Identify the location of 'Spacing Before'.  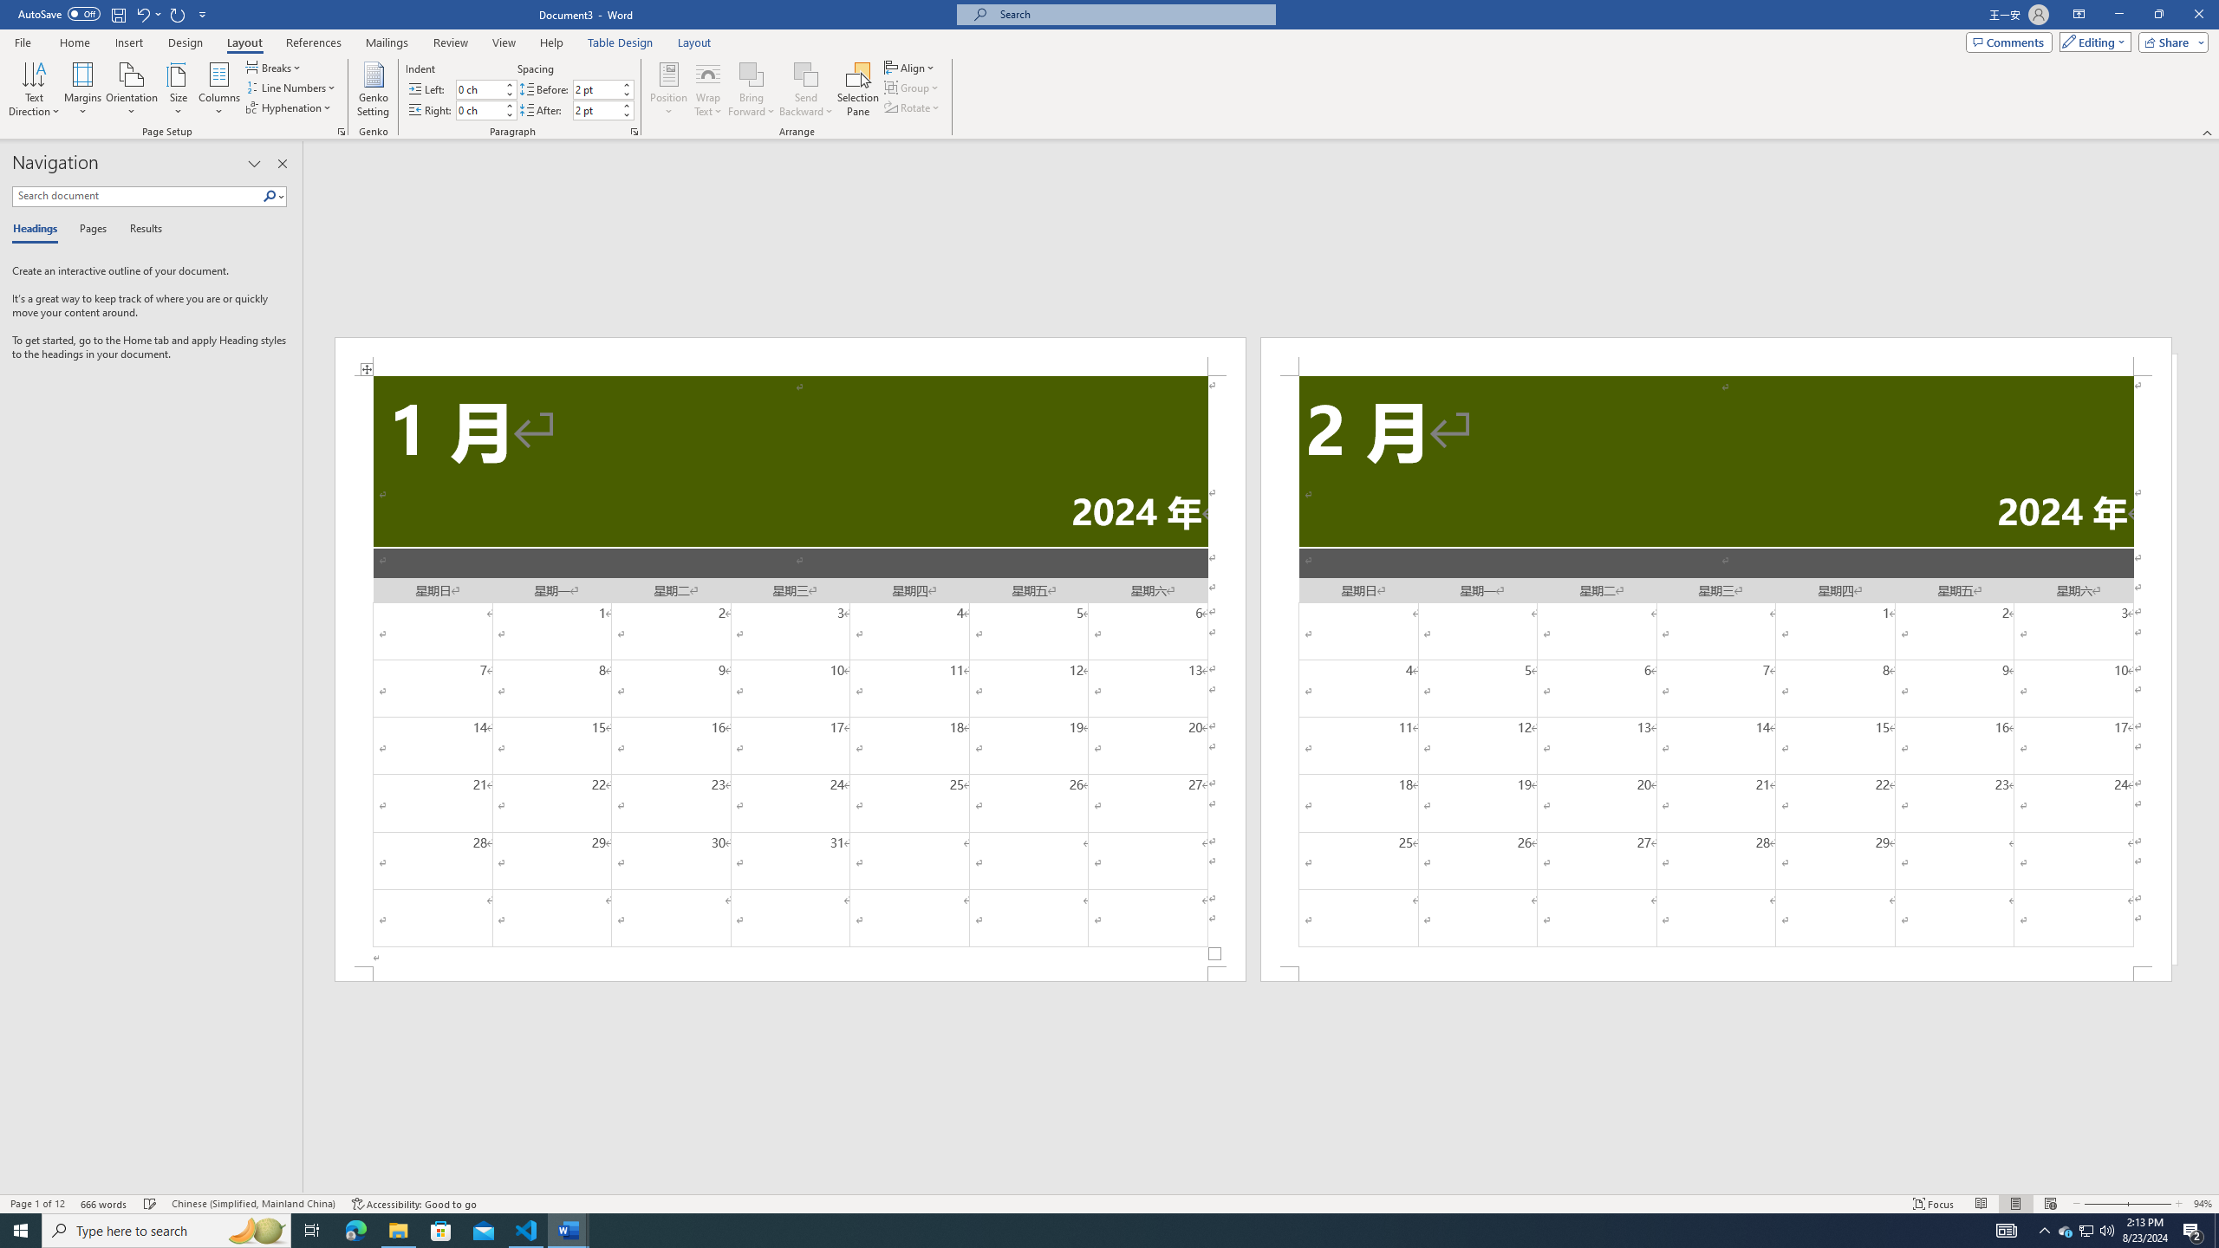
(596, 88).